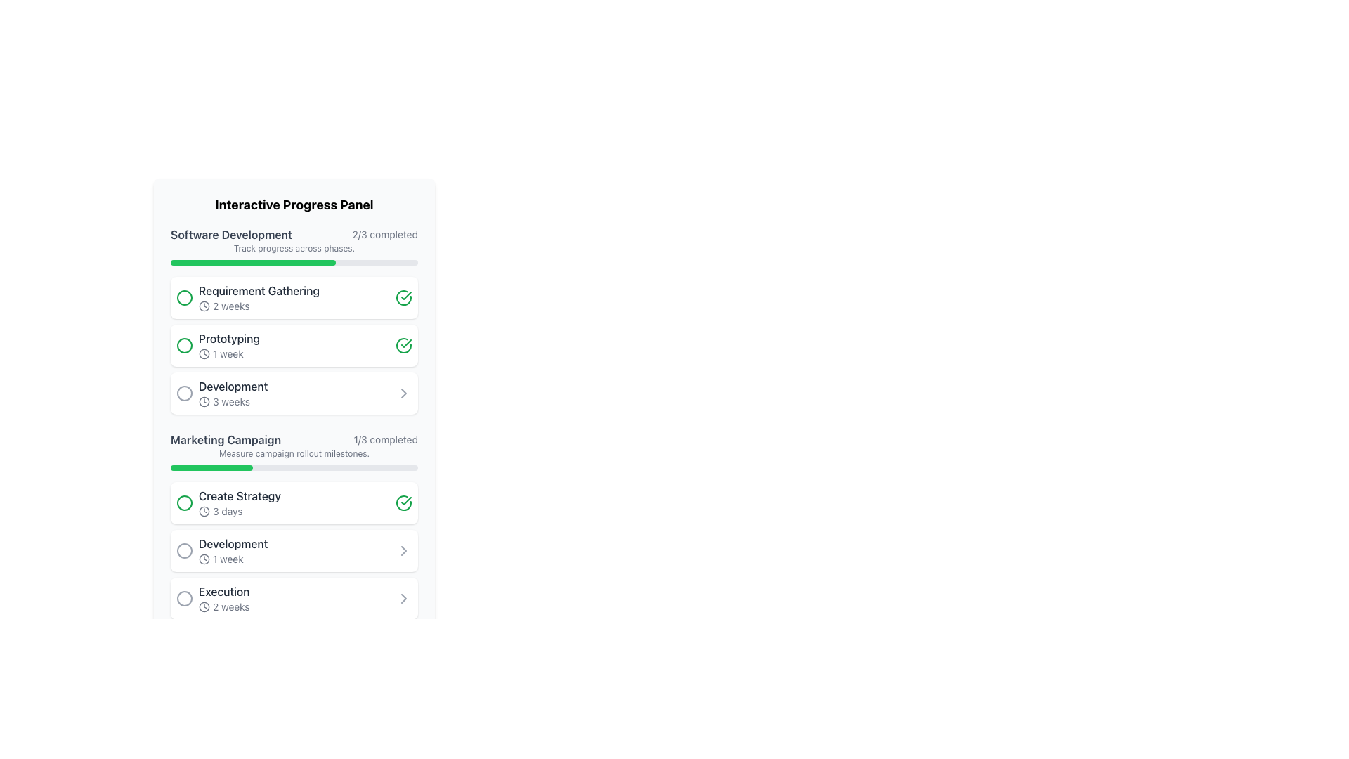  I want to click on the decorative arc element in the SVG graphic that represents a completed task, symbolized by the green check-circle icon, located in the 'Prototyping' entry of the 'Software Development' section, so click(403, 346).